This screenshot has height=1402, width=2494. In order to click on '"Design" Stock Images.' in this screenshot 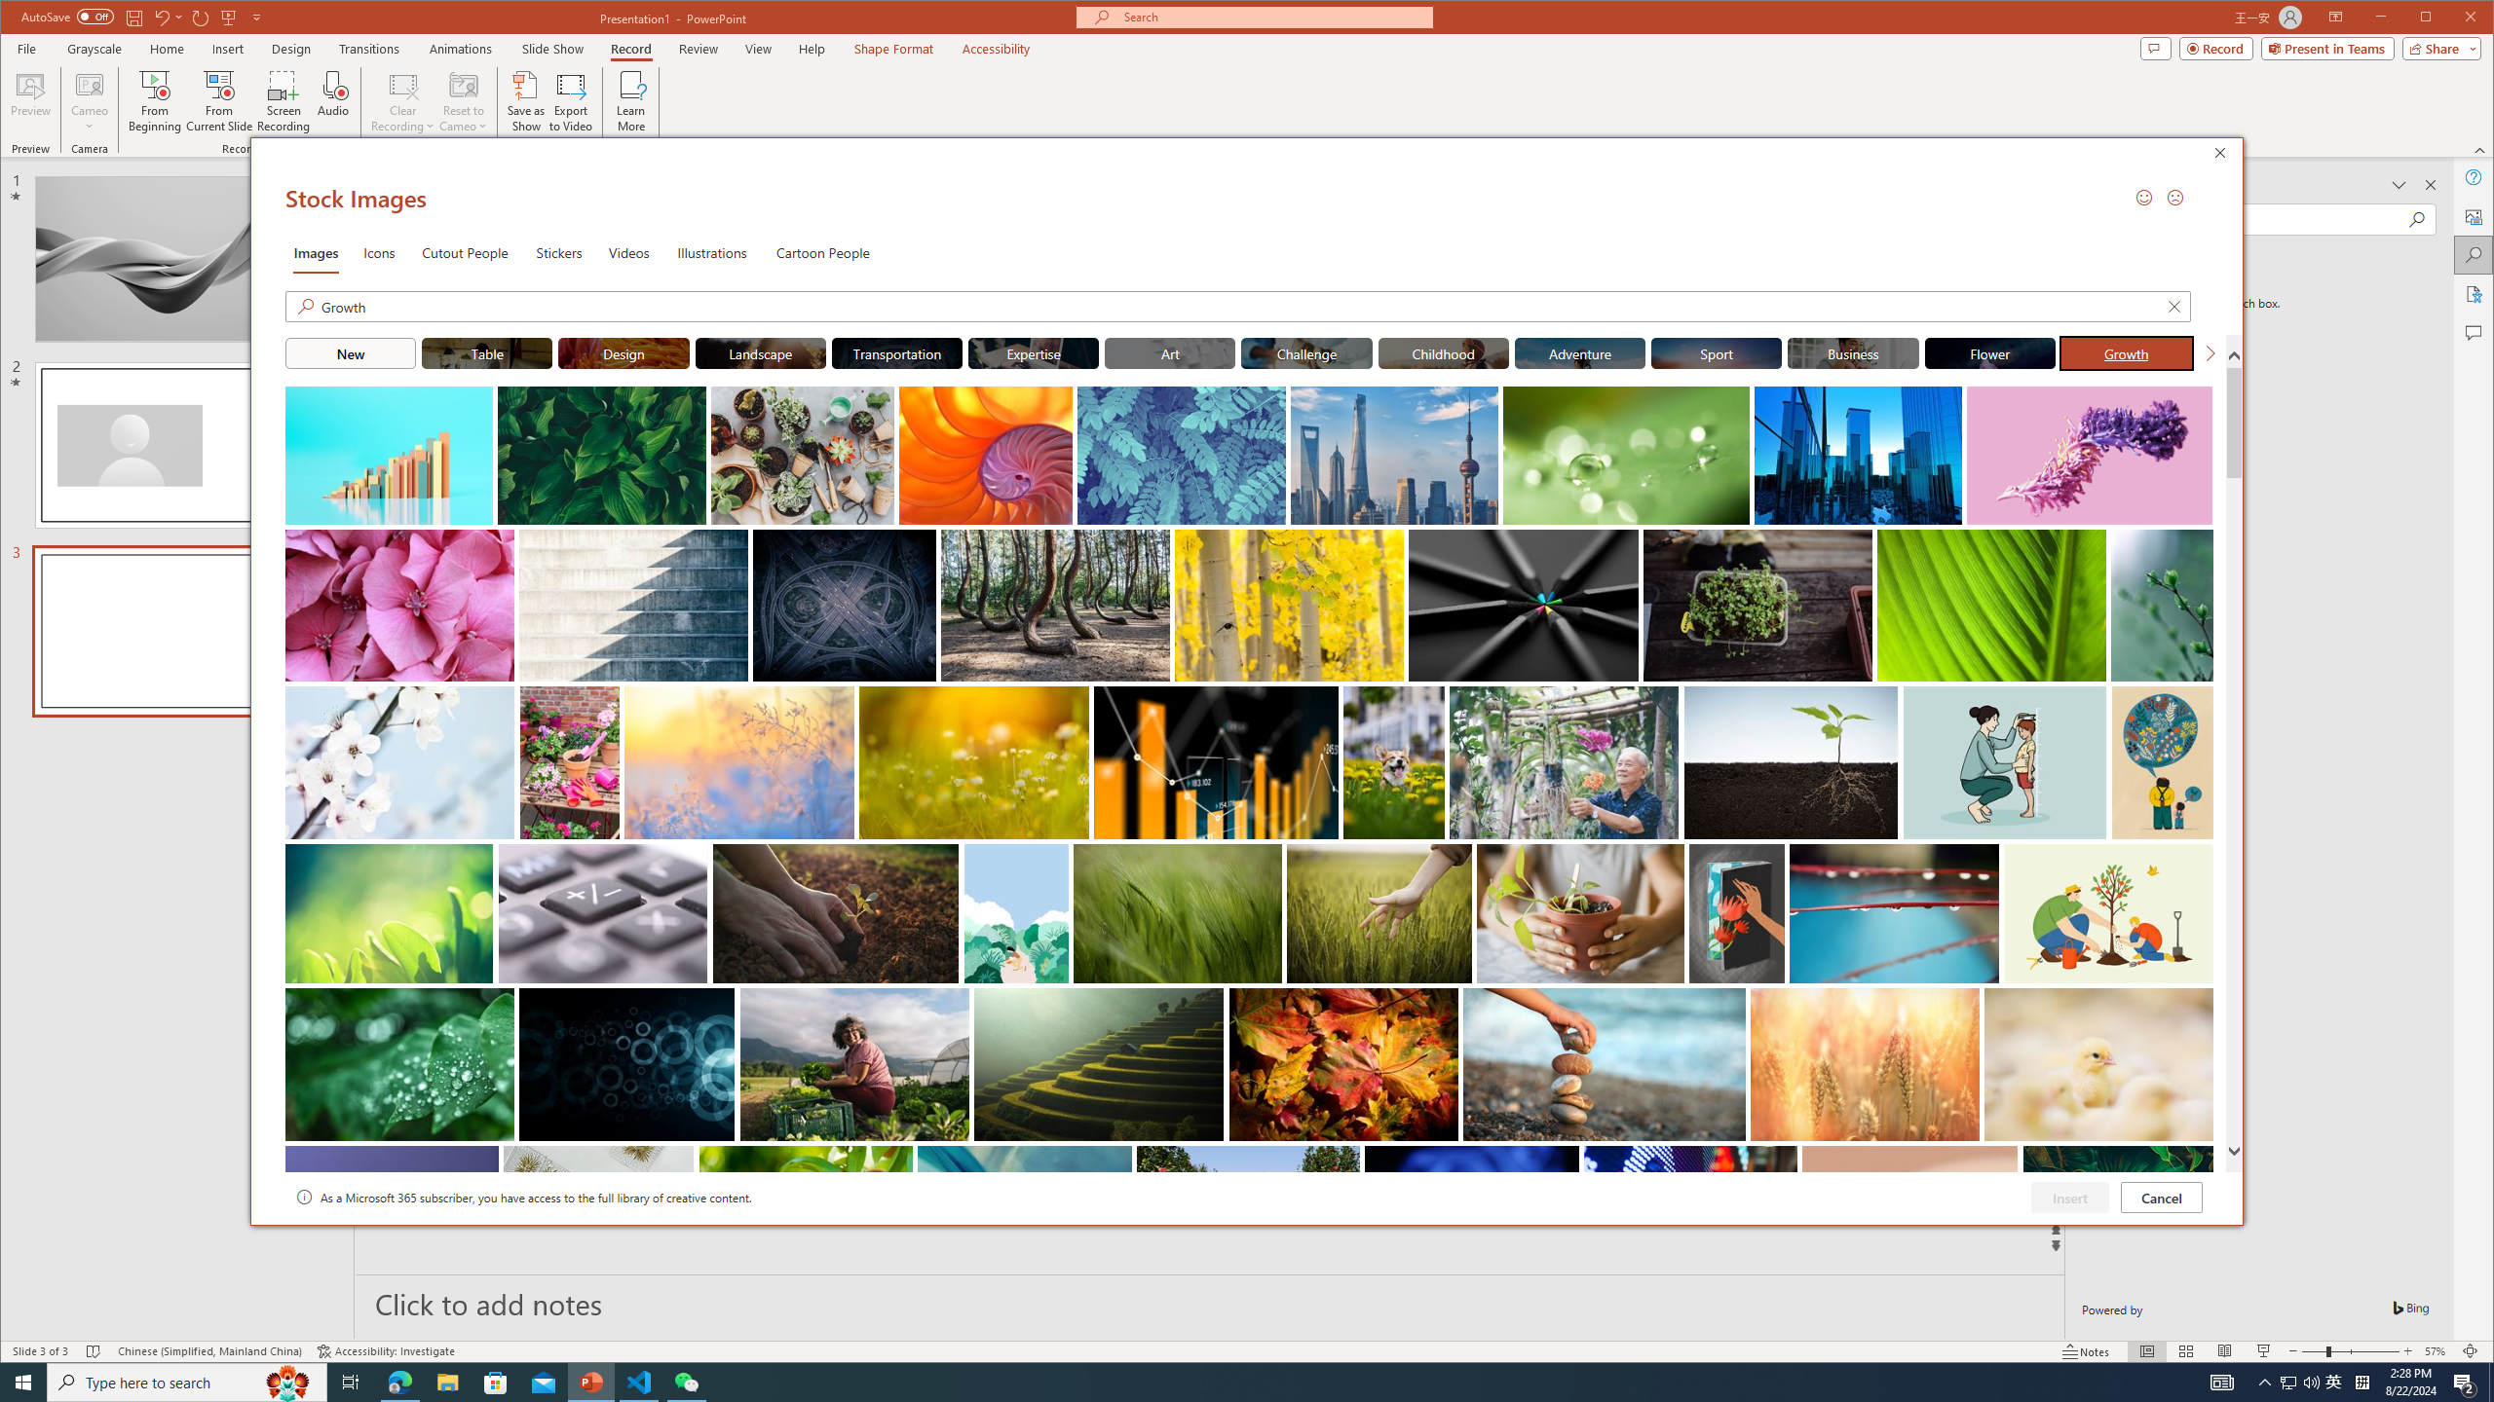, I will do `click(623, 351)`.